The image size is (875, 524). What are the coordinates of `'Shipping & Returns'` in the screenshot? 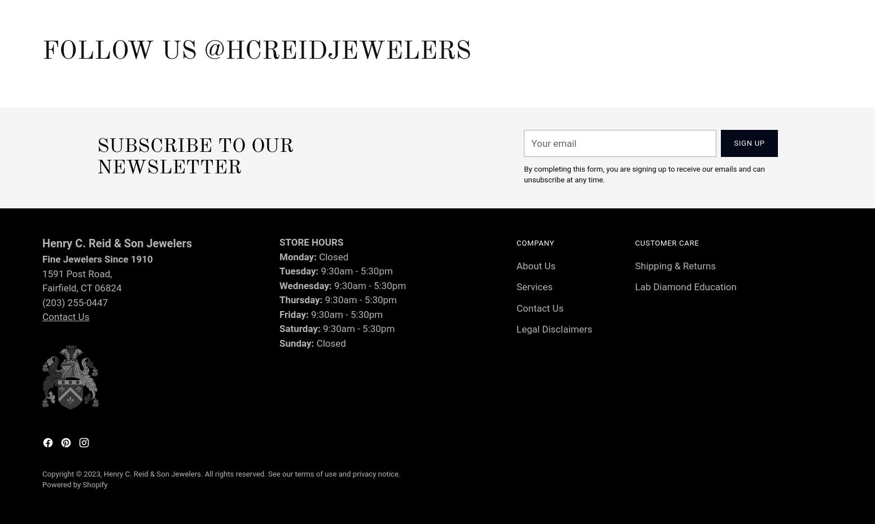 It's located at (675, 265).